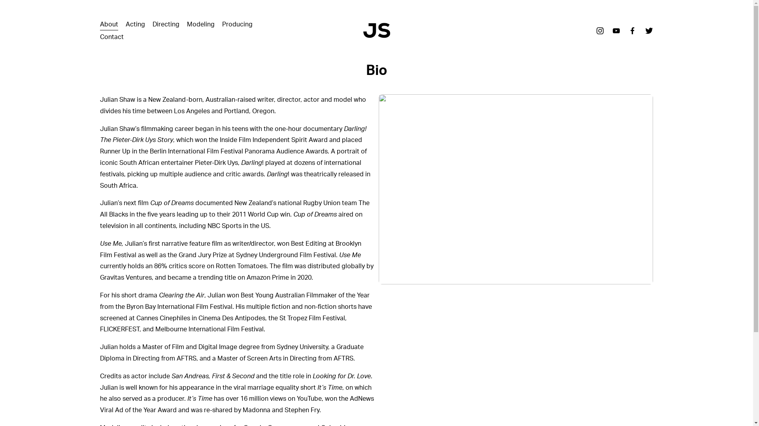 This screenshot has width=759, height=426. Describe the element at coordinates (99, 37) in the screenshot. I see `'Contact'` at that location.